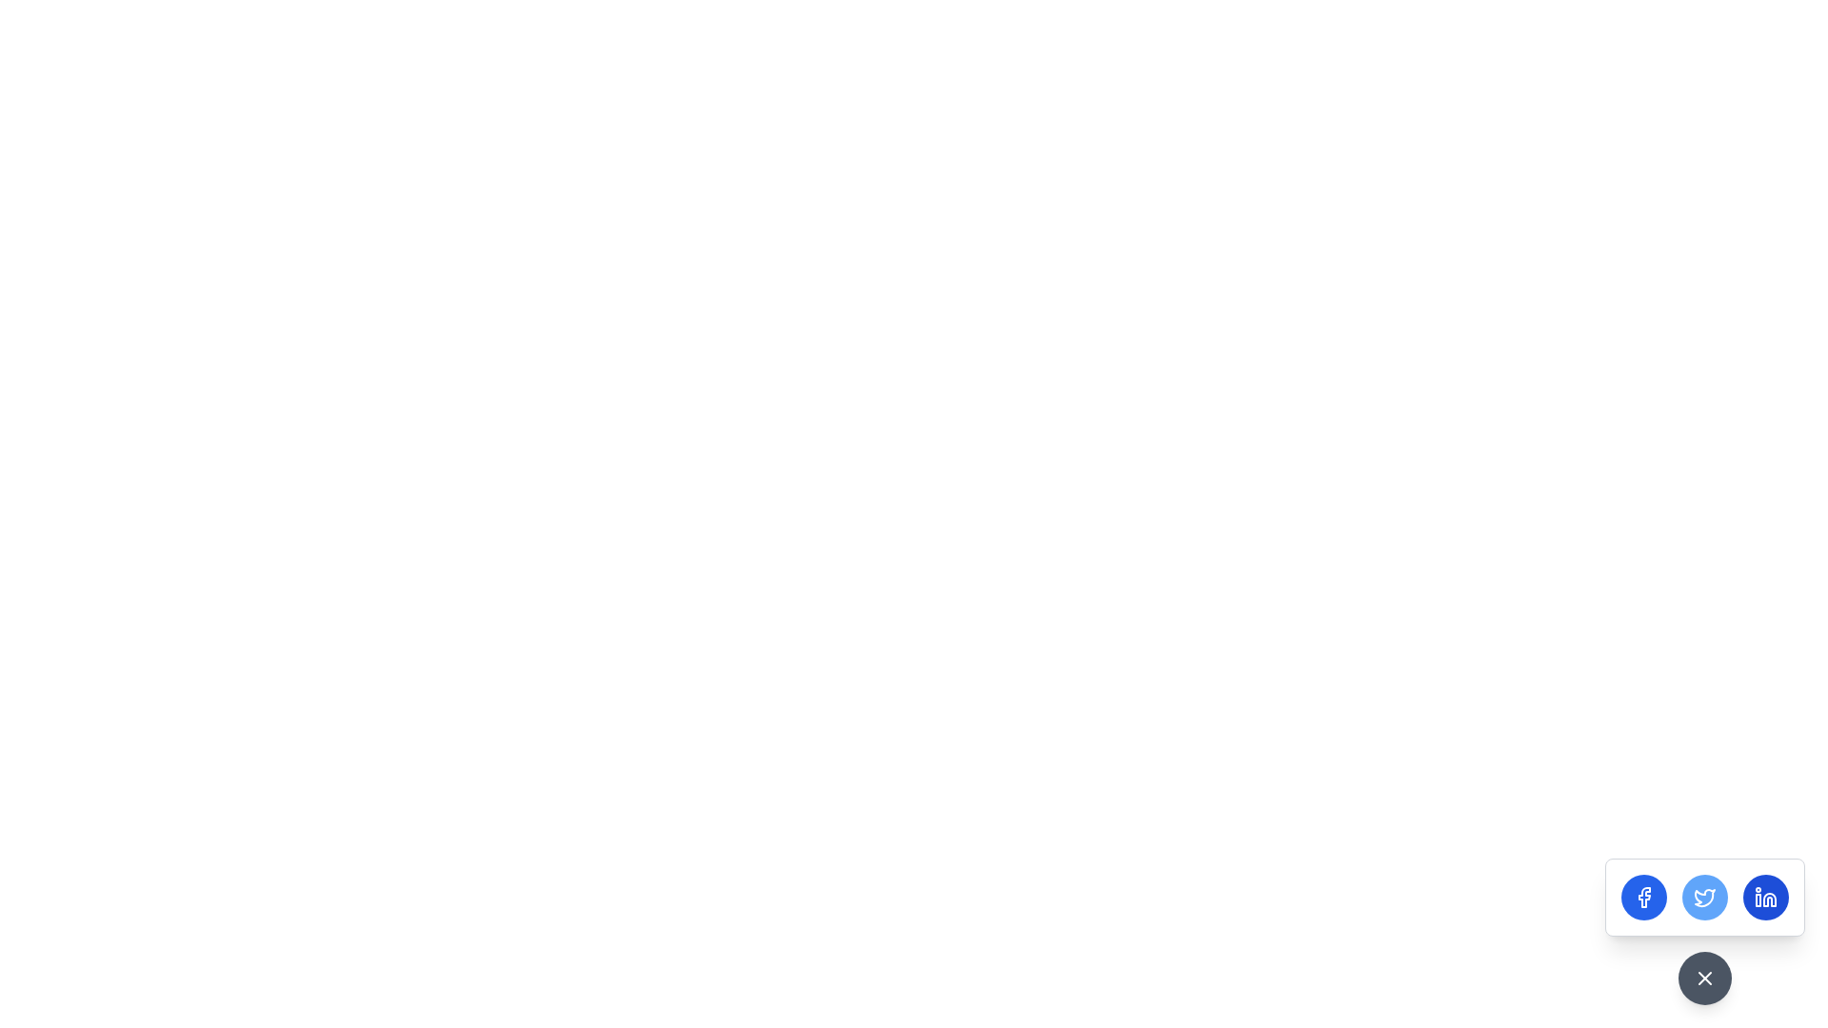 The width and height of the screenshot is (1828, 1028). I want to click on the circular blue Twitter button with a white bird logo to share content on Twitter, so click(1704, 897).